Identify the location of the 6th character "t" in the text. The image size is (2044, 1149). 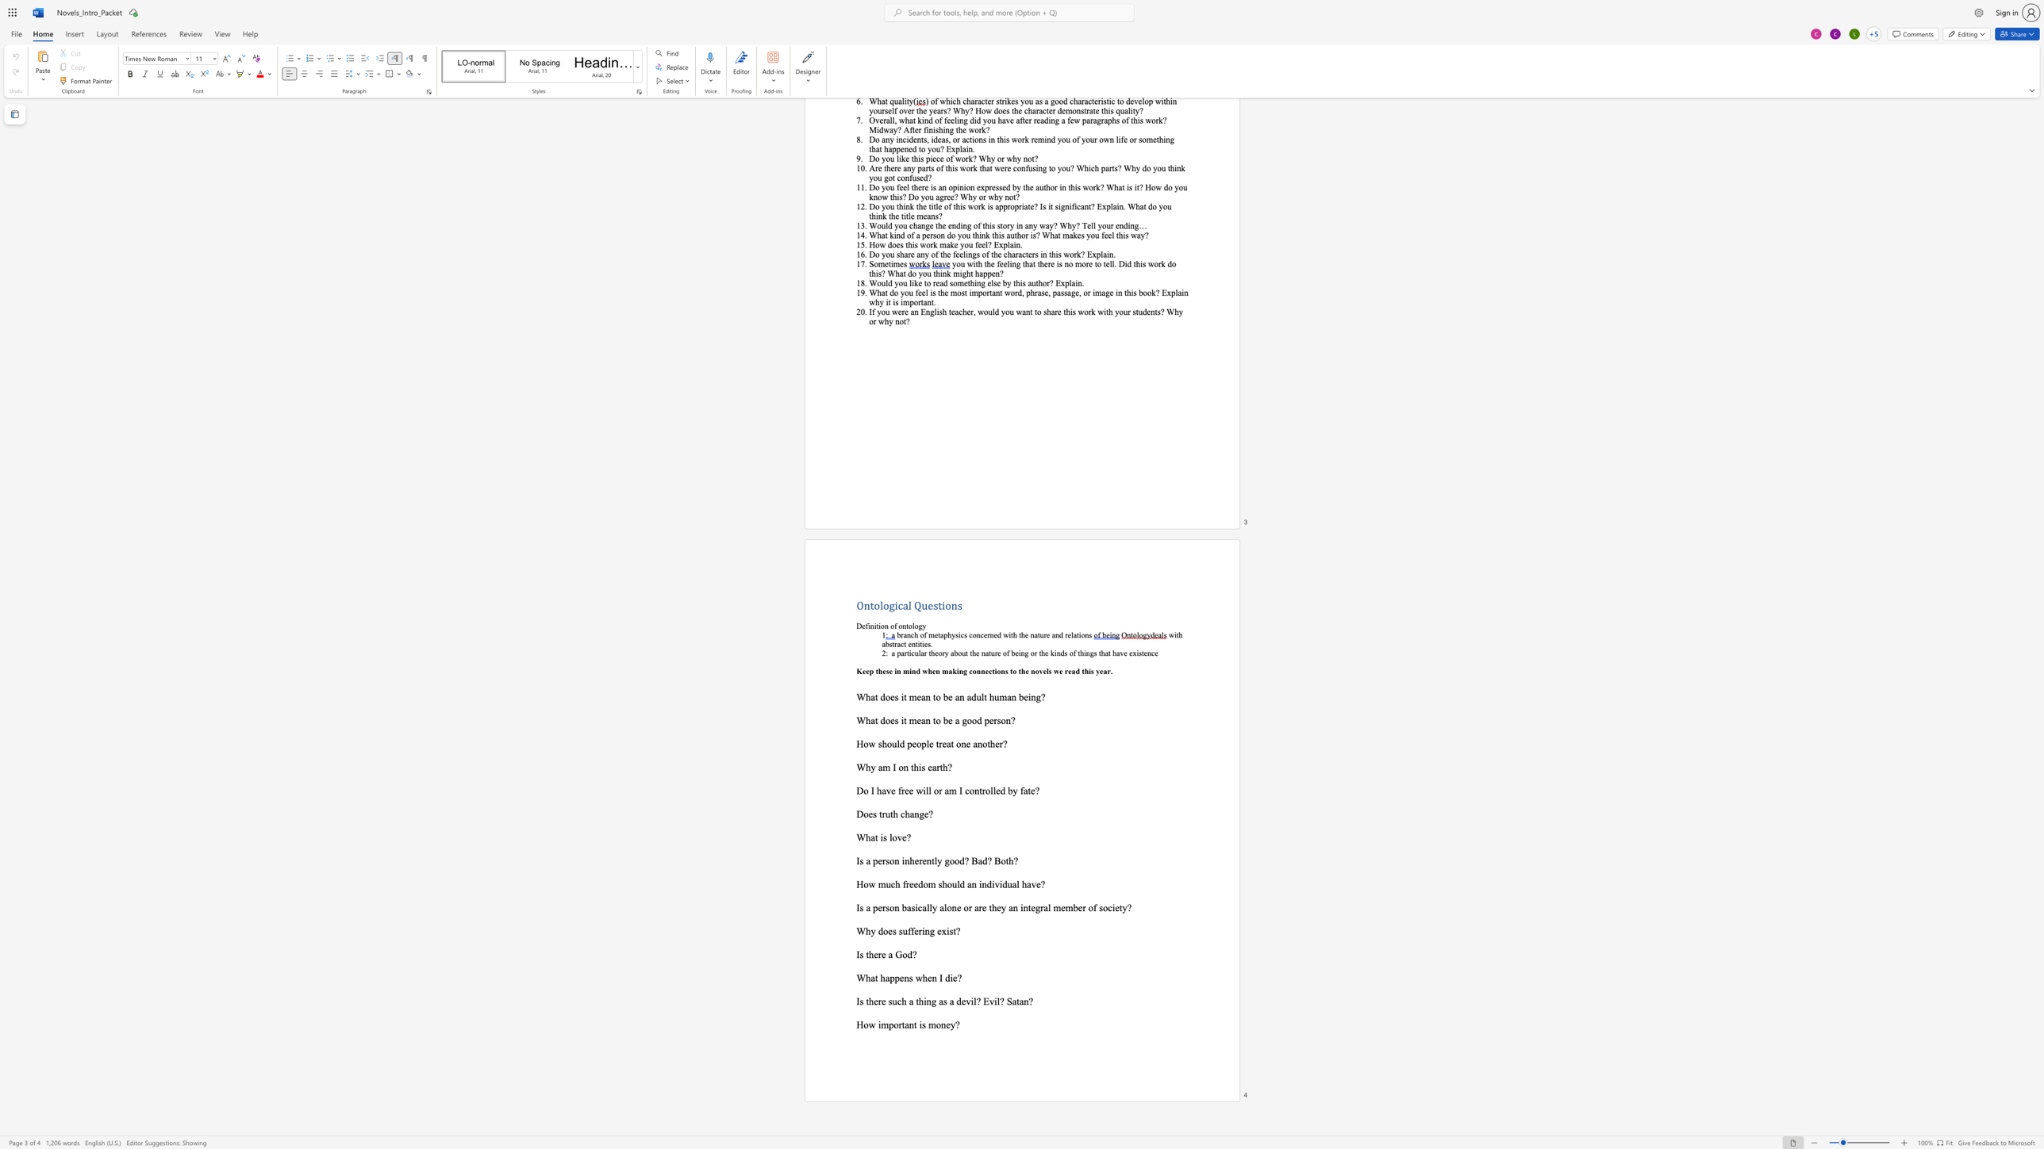
(1040, 652).